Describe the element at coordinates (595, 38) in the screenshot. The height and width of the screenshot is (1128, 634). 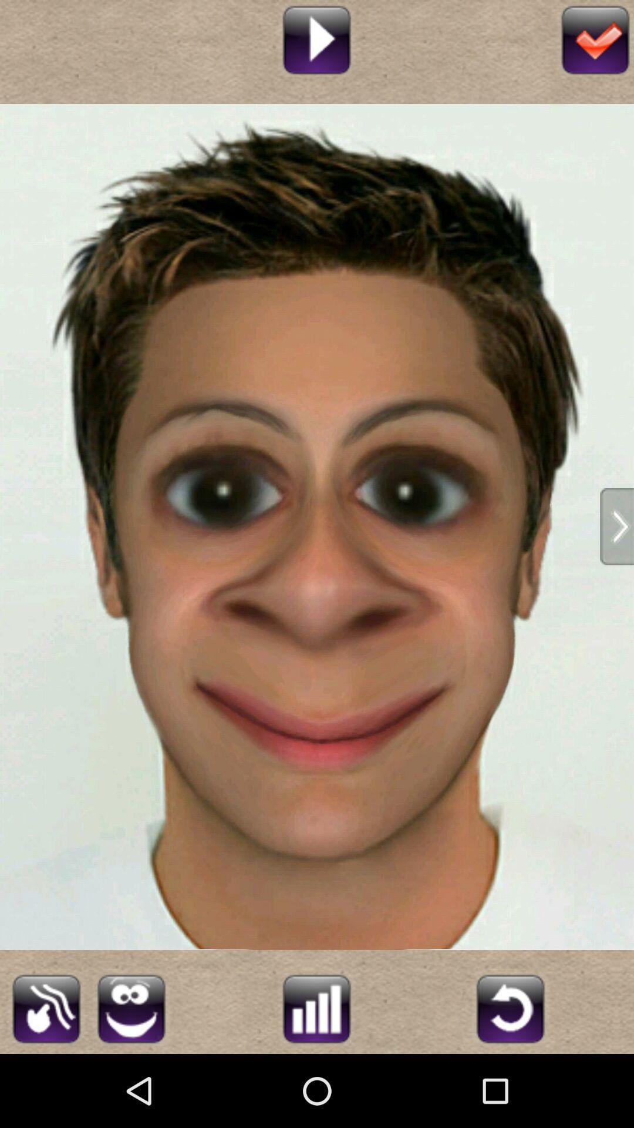
I see `done editing` at that location.